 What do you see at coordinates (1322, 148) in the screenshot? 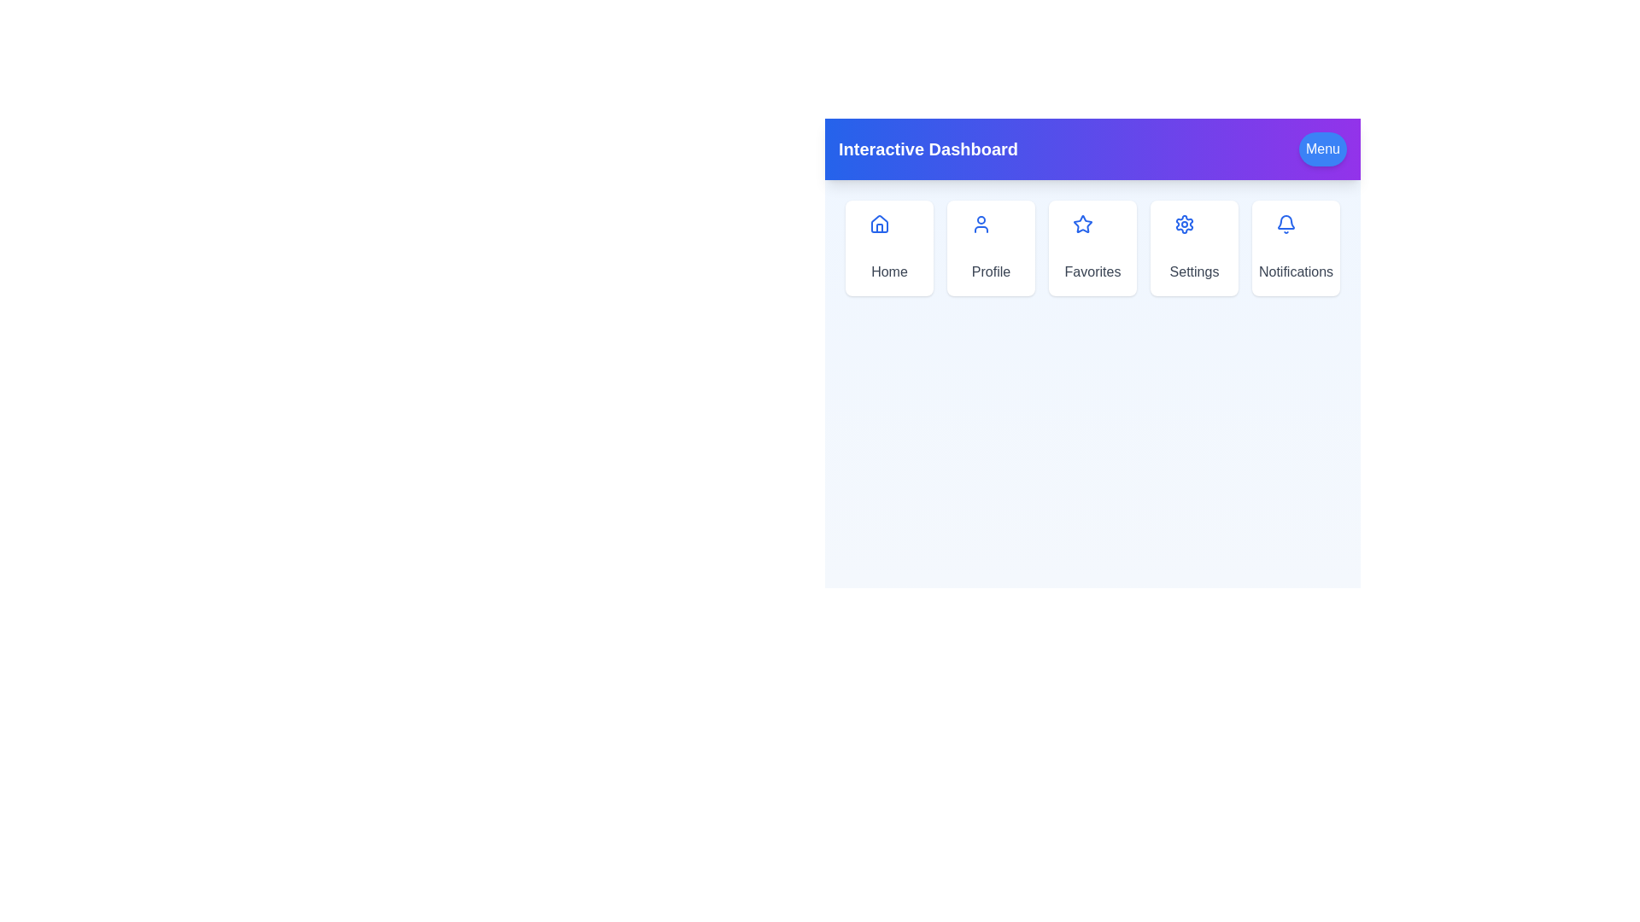
I see `the 'Menu' button to toggle the menu visibility` at bounding box center [1322, 148].